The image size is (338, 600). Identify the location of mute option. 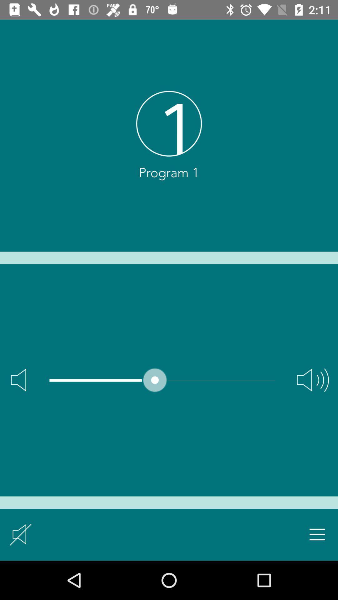
(20, 534).